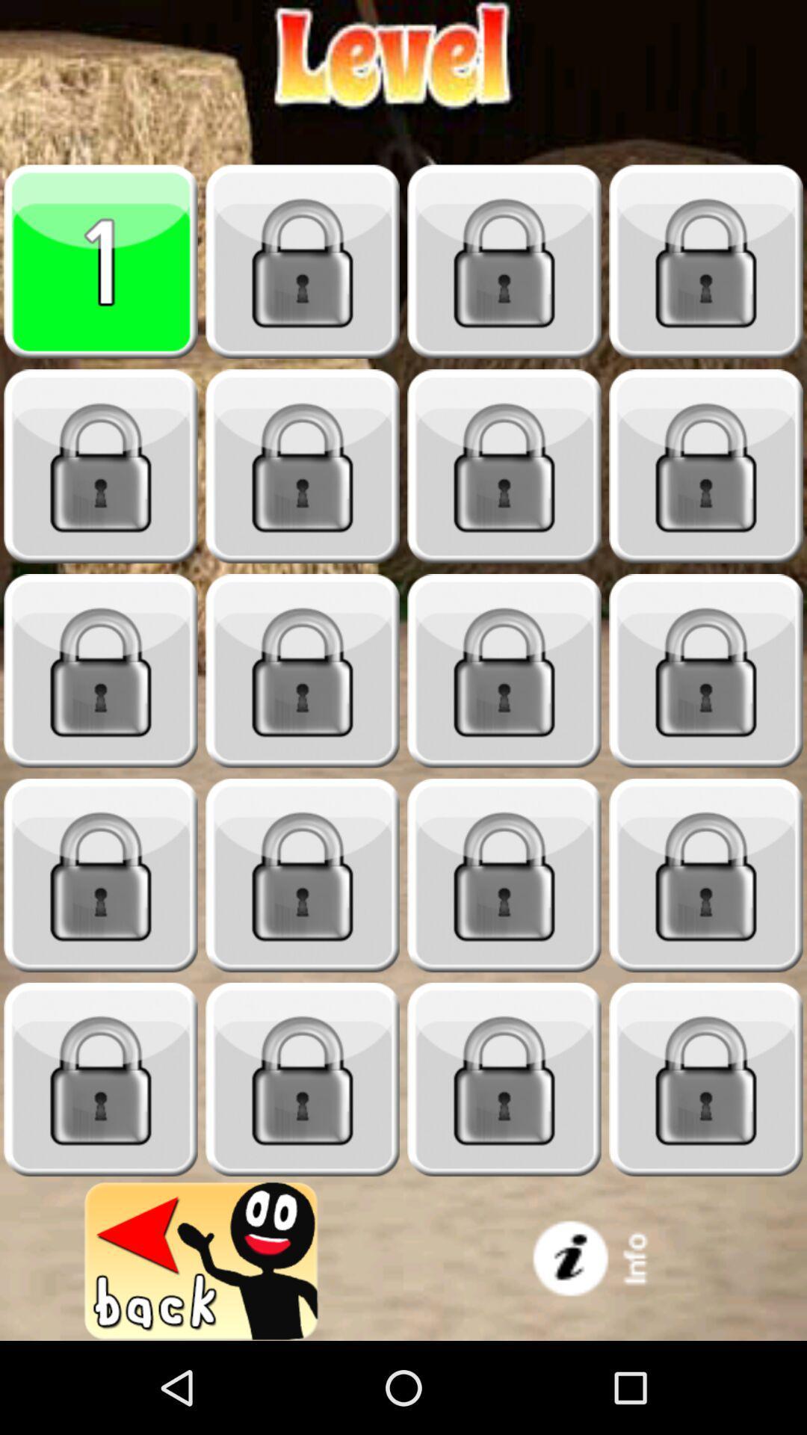 This screenshot has width=807, height=1435. I want to click on information on app, so click(605, 1260).